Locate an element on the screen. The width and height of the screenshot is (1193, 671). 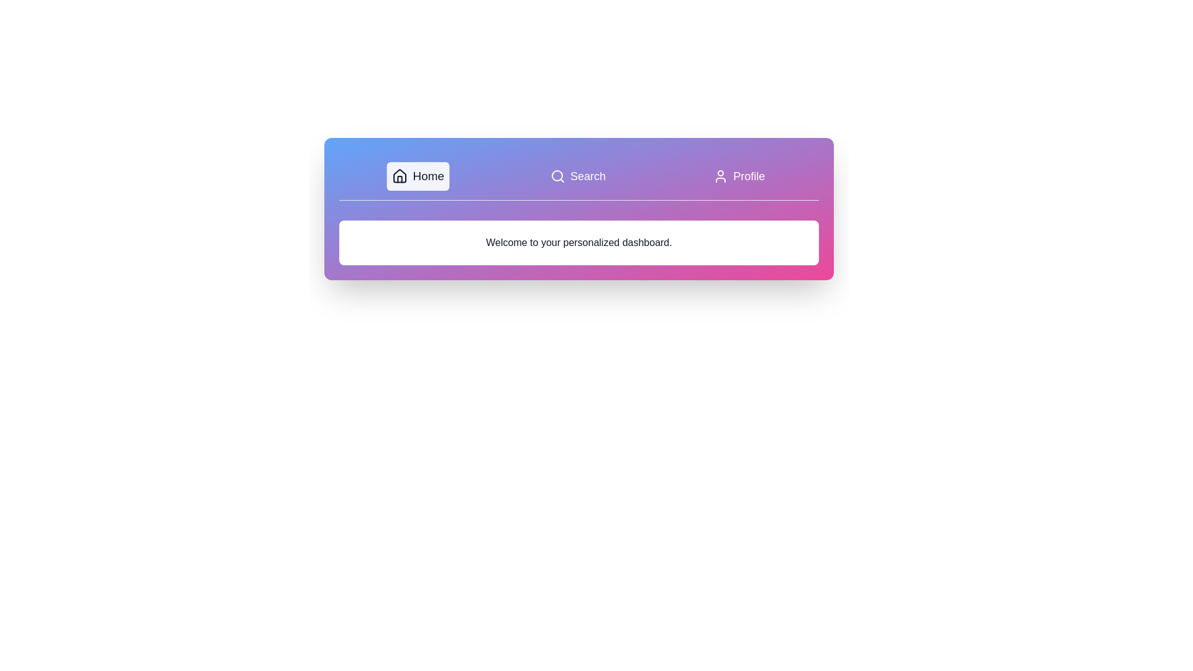
the tab labeled Profile to view its content is located at coordinates (739, 176).